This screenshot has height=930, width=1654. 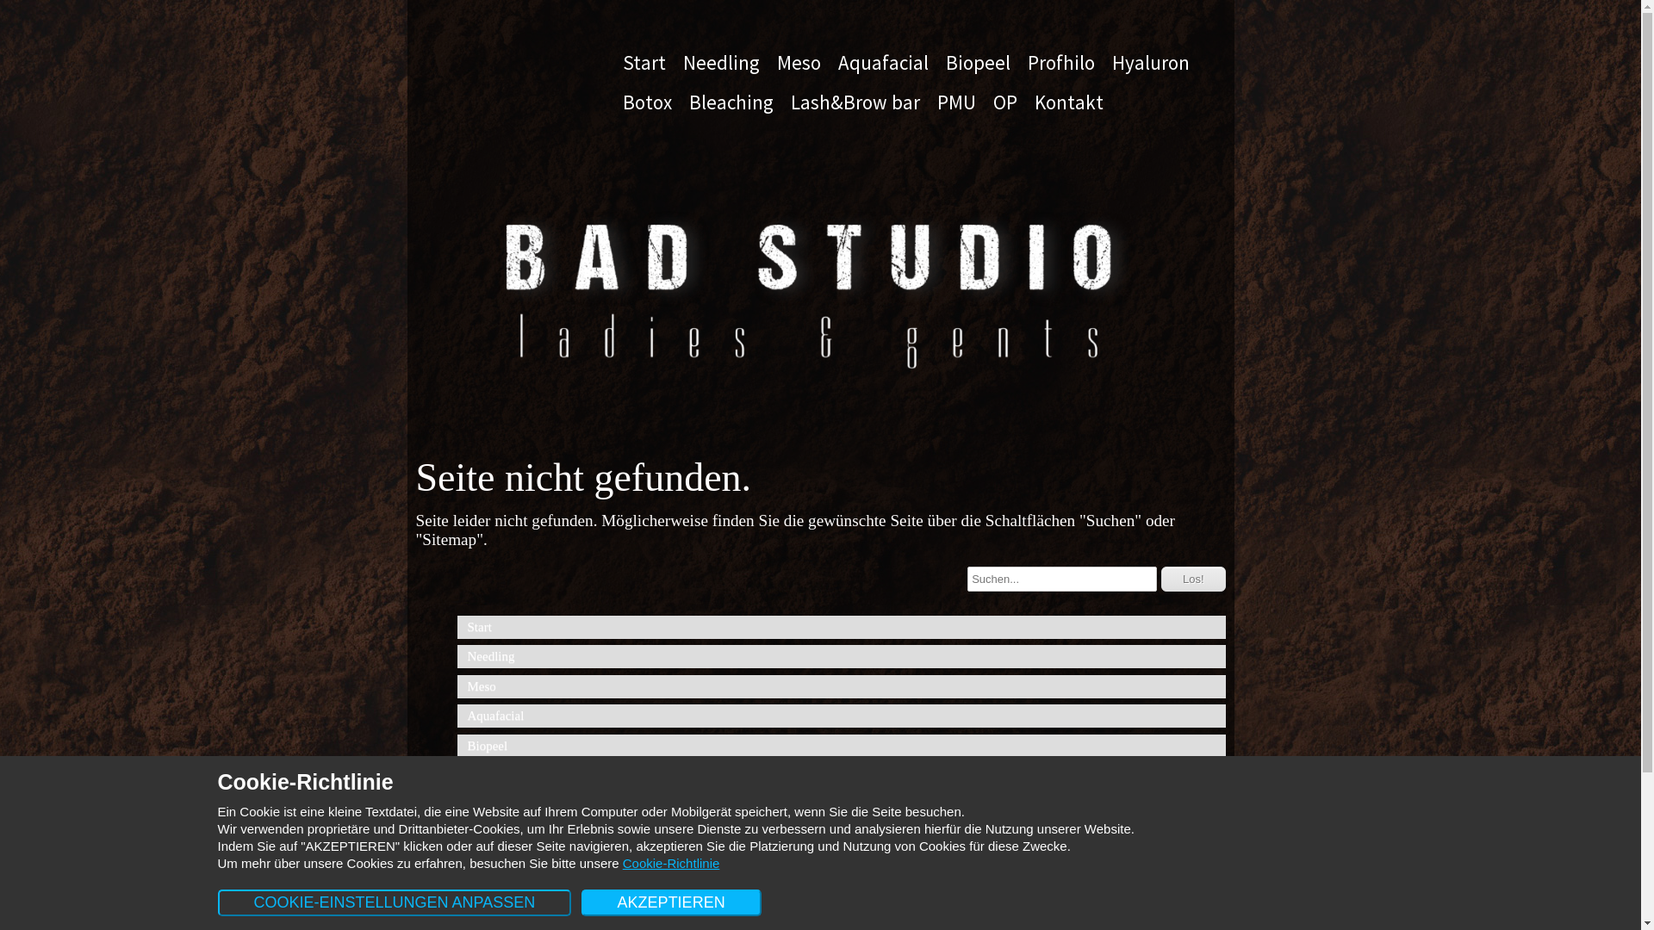 What do you see at coordinates (670, 902) in the screenshot?
I see `'AKZEPTIEREN'` at bounding box center [670, 902].